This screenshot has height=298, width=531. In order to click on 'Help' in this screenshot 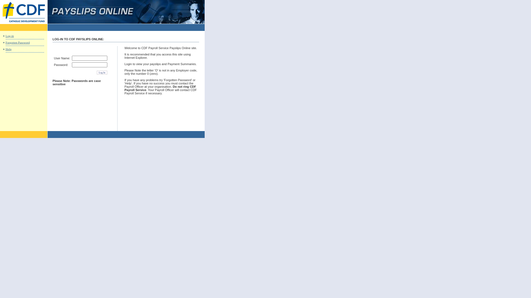, I will do `click(8, 49)`.